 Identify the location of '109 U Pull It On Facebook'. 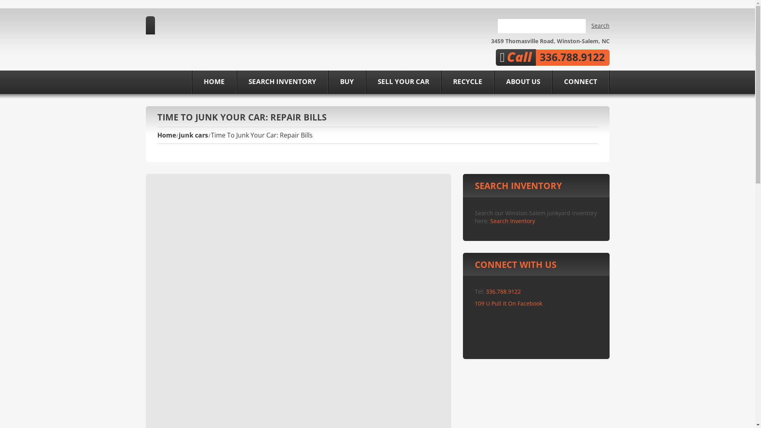
(508, 303).